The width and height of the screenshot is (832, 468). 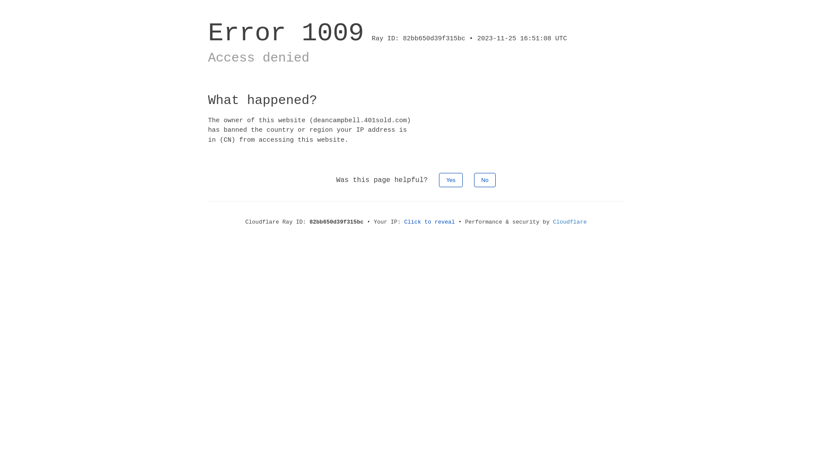 What do you see at coordinates (484, 179) in the screenshot?
I see `'No'` at bounding box center [484, 179].